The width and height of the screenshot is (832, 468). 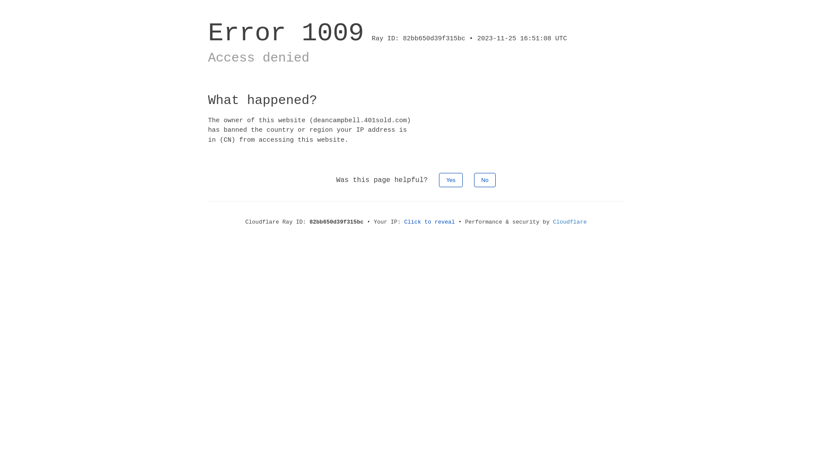 What do you see at coordinates (484, 179) in the screenshot?
I see `'No'` at bounding box center [484, 179].